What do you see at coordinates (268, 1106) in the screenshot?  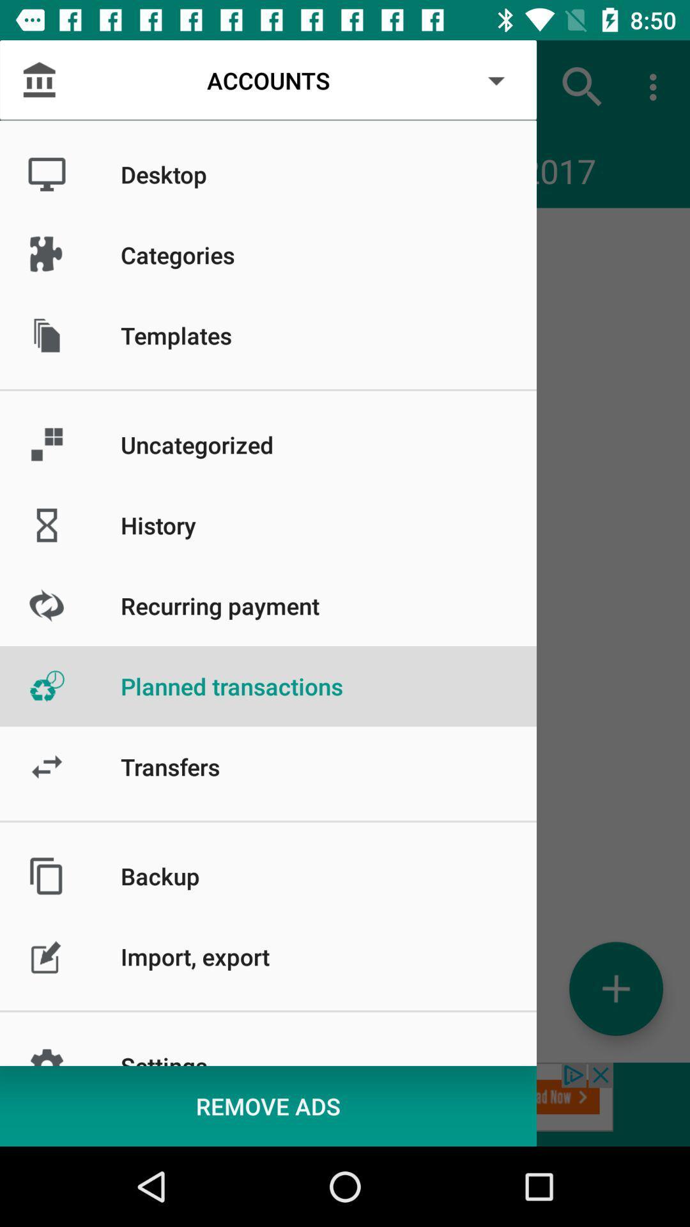 I see `remove ads item` at bounding box center [268, 1106].